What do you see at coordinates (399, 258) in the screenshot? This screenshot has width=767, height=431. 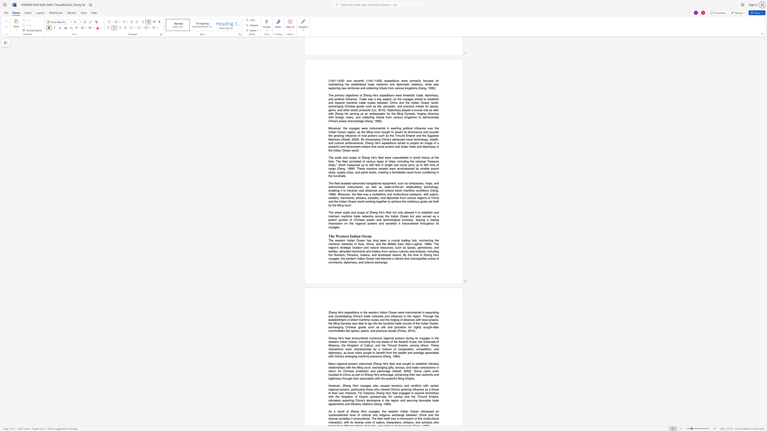 I see `the subset text "ant and cosmopolitan" within the text "voyages, the western Indian Ocean had become a vibrant and cosmopolitan arena of commerce, diplomacy, and cultural exchange."` at bounding box center [399, 258].